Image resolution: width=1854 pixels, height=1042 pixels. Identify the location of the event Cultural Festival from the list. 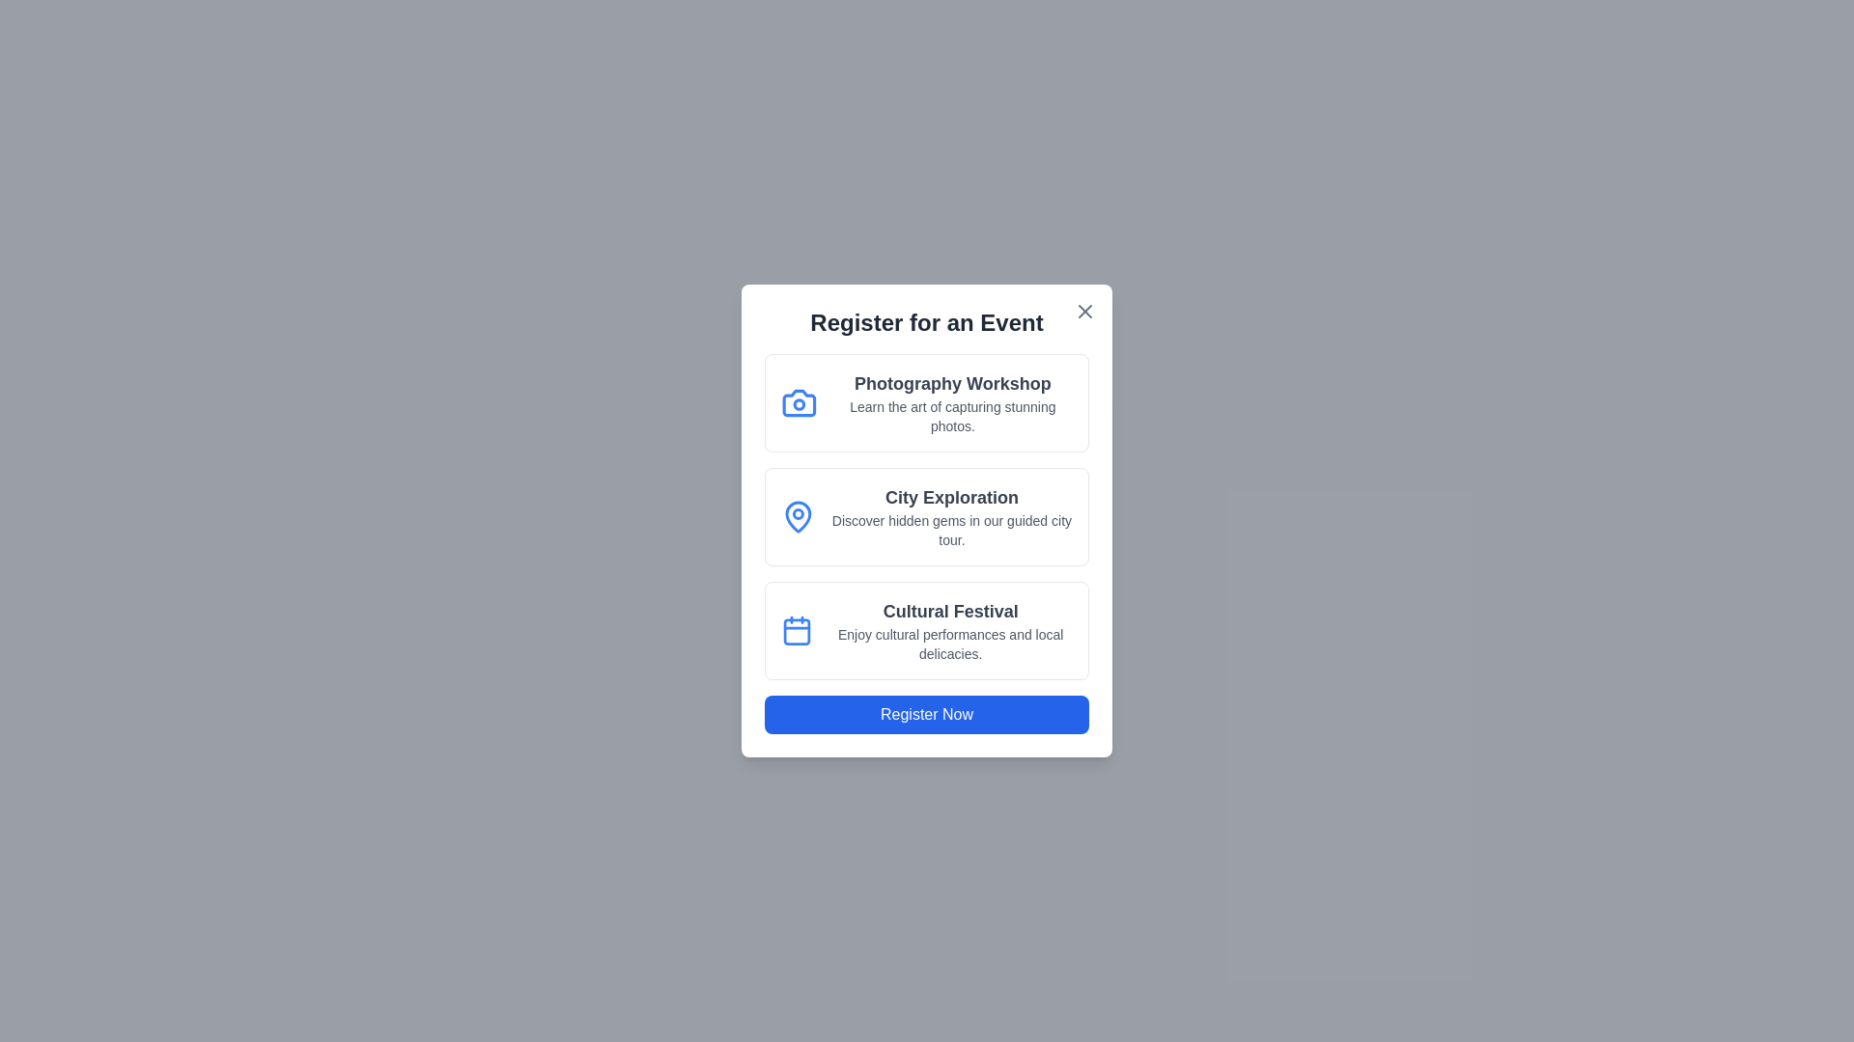
(927, 631).